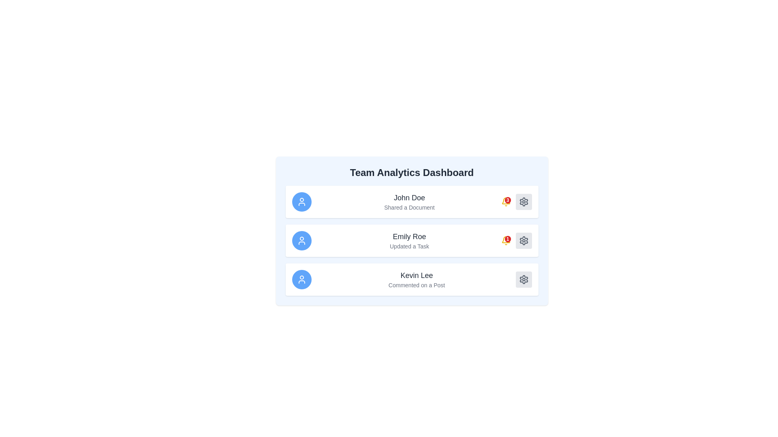  What do you see at coordinates (507, 238) in the screenshot?
I see `the notification count displayed in the red badge with the number '1' located at the top-right corner of the notification icon group in the dashboard` at bounding box center [507, 238].